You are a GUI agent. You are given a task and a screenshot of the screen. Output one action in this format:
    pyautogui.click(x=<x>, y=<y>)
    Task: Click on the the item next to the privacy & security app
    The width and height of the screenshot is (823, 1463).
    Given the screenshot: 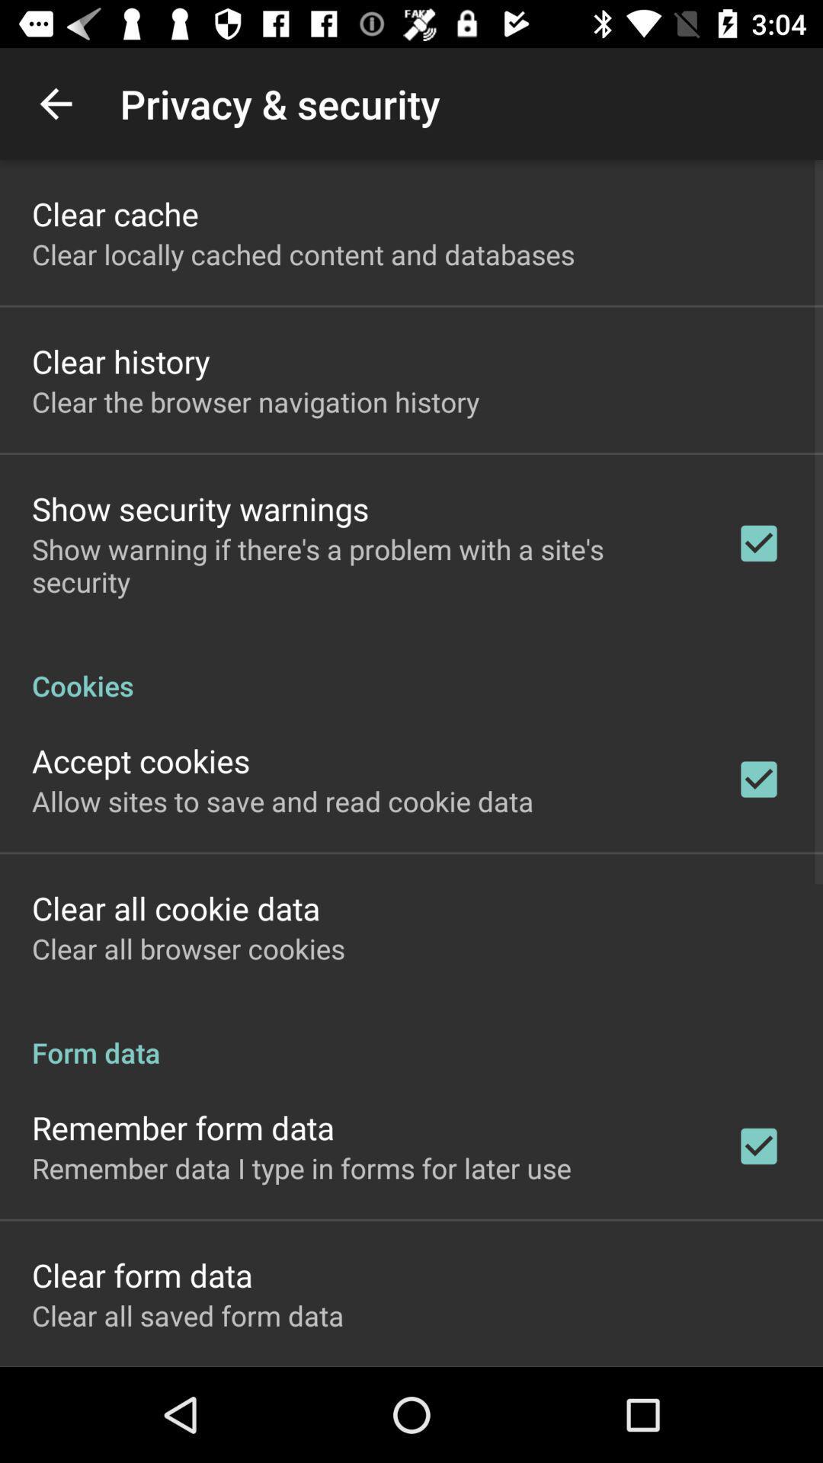 What is the action you would take?
    pyautogui.click(x=55, y=103)
    